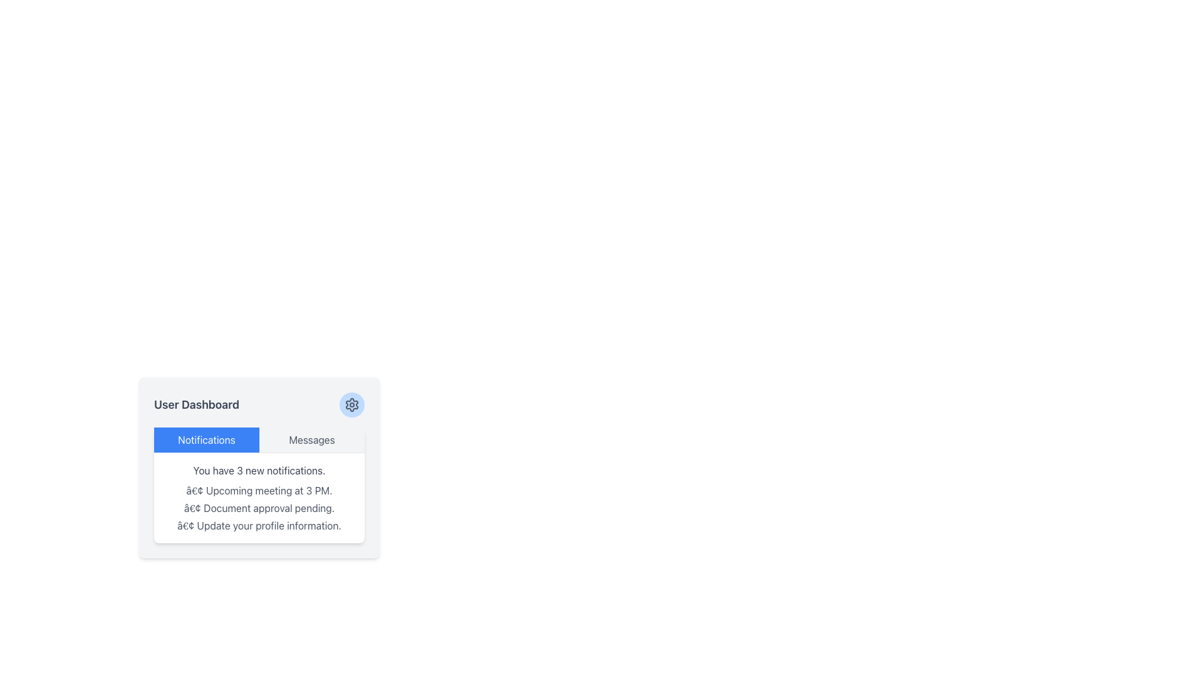 This screenshot has height=676, width=1203. What do you see at coordinates (258, 508) in the screenshot?
I see `the informational text notifying the user about a pending document approval, which is the second item in the bulleted list in the notification section of the User Dashboard` at bounding box center [258, 508].